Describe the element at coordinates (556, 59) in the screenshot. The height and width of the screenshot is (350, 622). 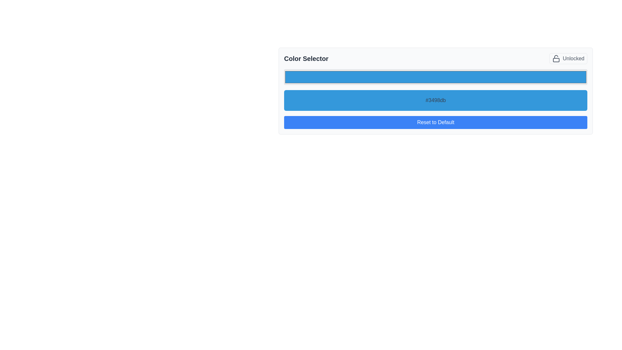
I see `the unlocked state icon located at the top-right corner of the interface` at that location.